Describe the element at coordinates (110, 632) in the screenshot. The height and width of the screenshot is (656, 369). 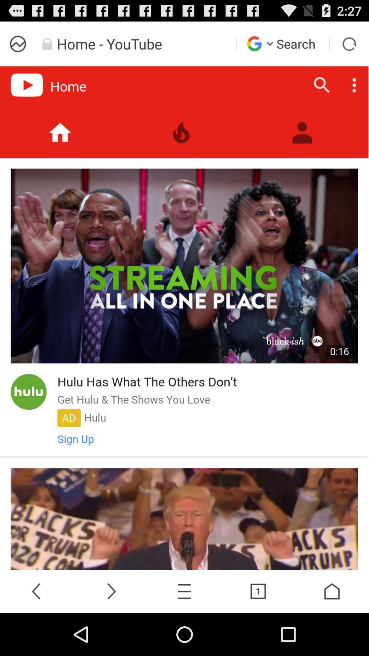
I see `the arrow_forward icon` at that location.